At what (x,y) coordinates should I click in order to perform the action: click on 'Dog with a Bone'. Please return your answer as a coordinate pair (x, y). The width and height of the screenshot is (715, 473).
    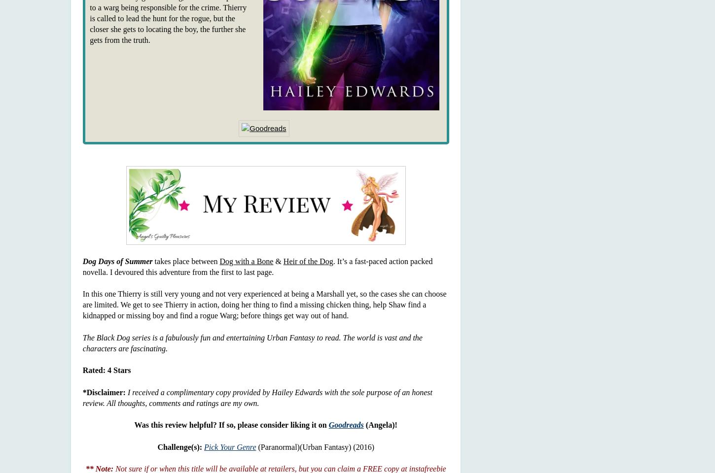
    Looking at the image, I should click on (246, 260).